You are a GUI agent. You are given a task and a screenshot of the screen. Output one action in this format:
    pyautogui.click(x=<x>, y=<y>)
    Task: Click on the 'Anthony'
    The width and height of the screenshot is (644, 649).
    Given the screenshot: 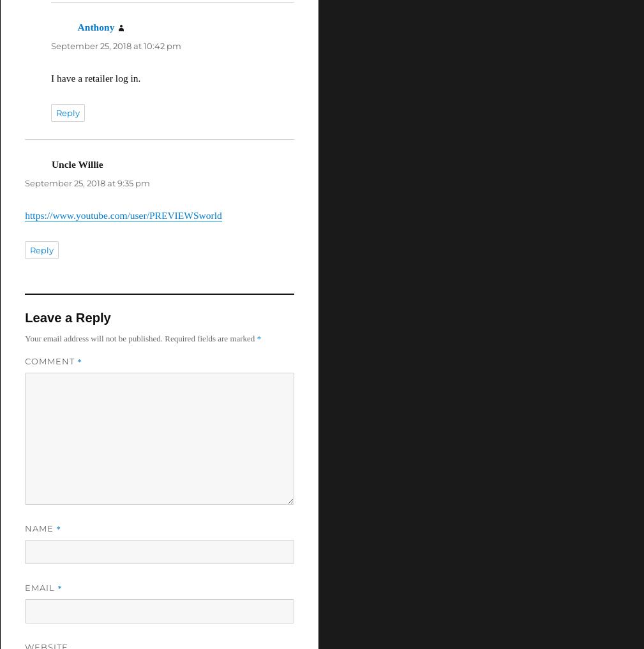 What is the action you would take?
    pyautogui.click(x=95, y=26)
    